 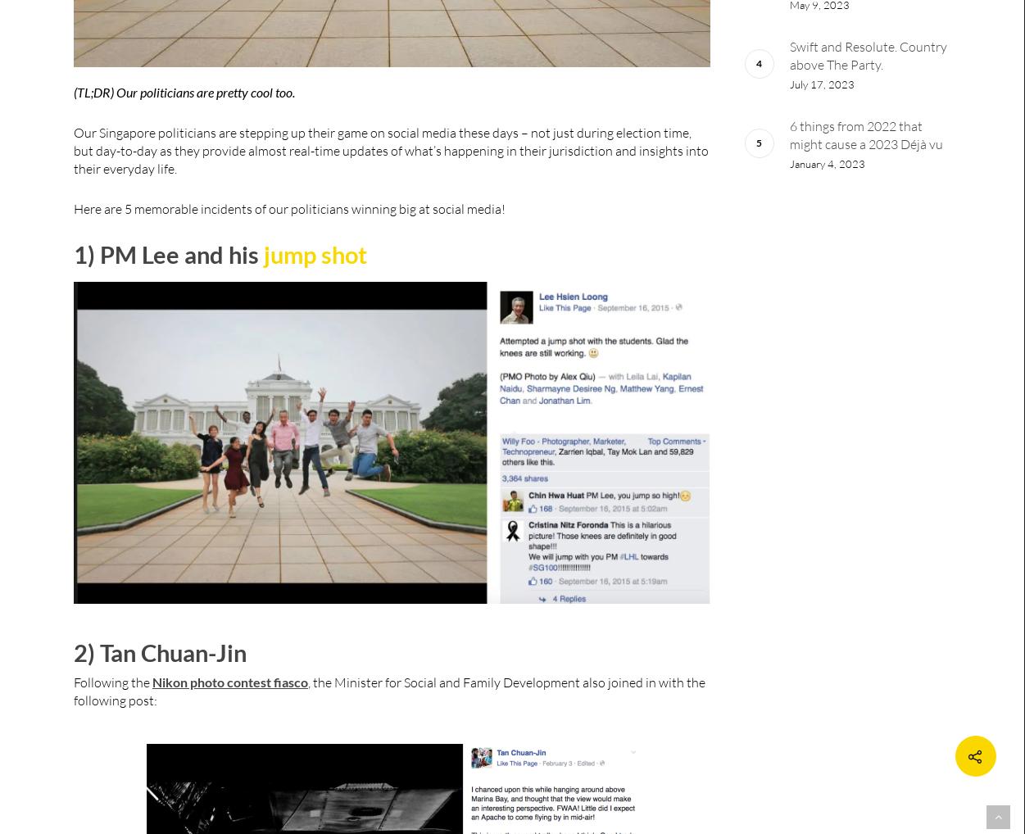 What do you see at coordinates (864, 135) in the screenshot?
I see `'6 things from 2022 that might cause a 2023 Déjà vu'` at bounding box center [864, 135].